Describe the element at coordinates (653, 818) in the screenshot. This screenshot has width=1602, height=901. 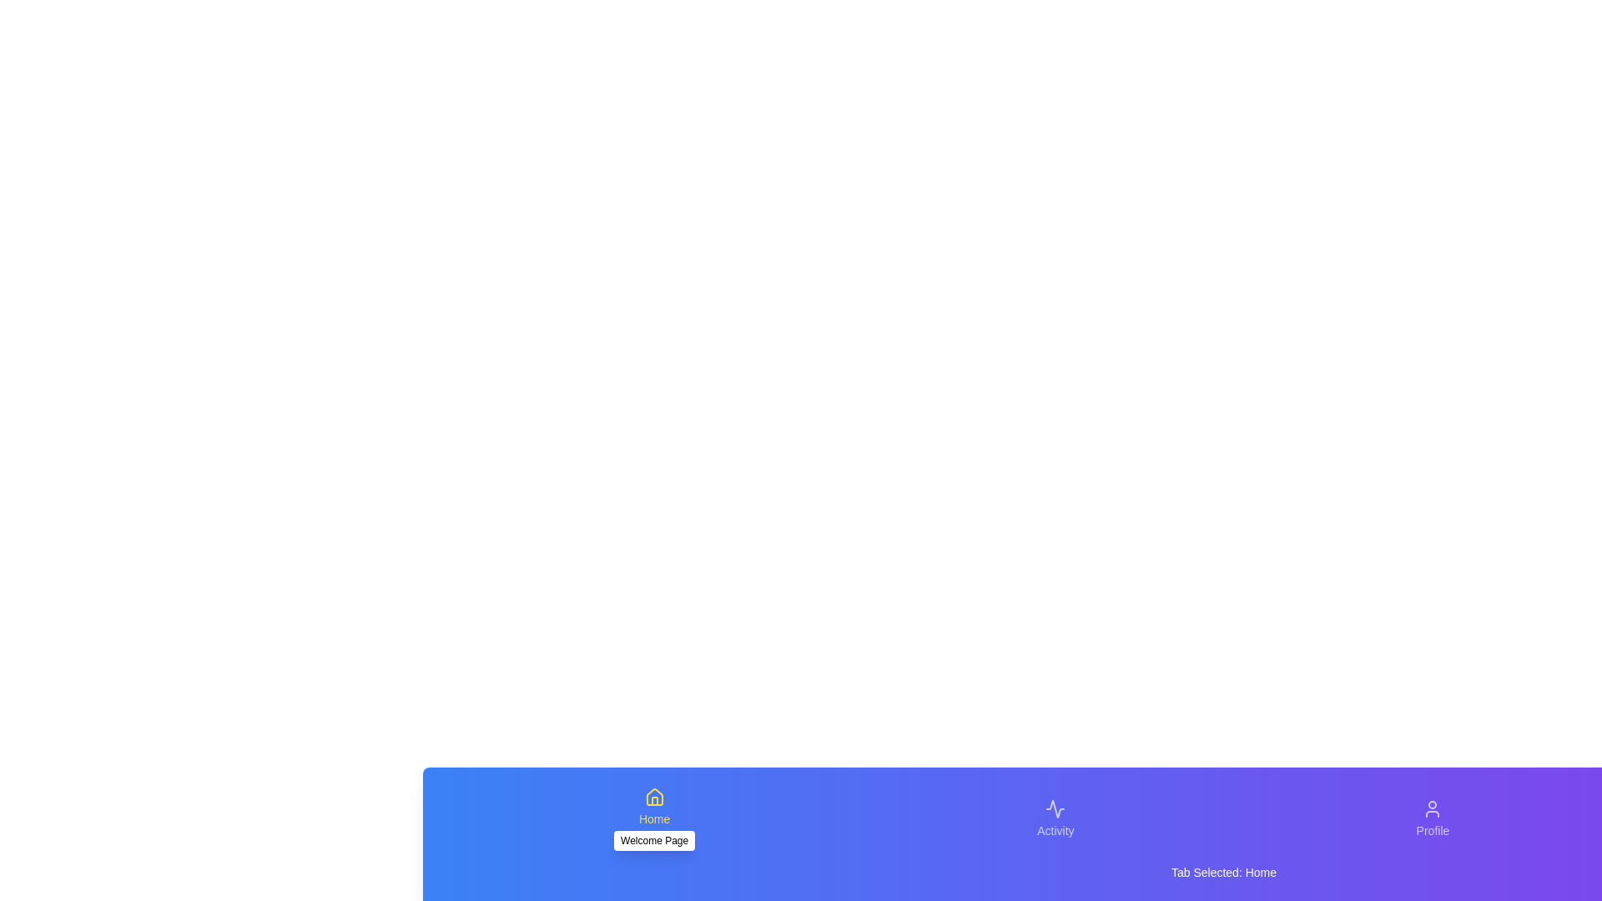
I see `the Home tab to activate it` at that location.